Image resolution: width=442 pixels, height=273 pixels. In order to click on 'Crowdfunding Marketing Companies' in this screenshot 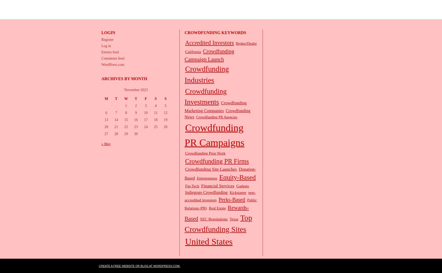, I will do `click(215, 106)`.